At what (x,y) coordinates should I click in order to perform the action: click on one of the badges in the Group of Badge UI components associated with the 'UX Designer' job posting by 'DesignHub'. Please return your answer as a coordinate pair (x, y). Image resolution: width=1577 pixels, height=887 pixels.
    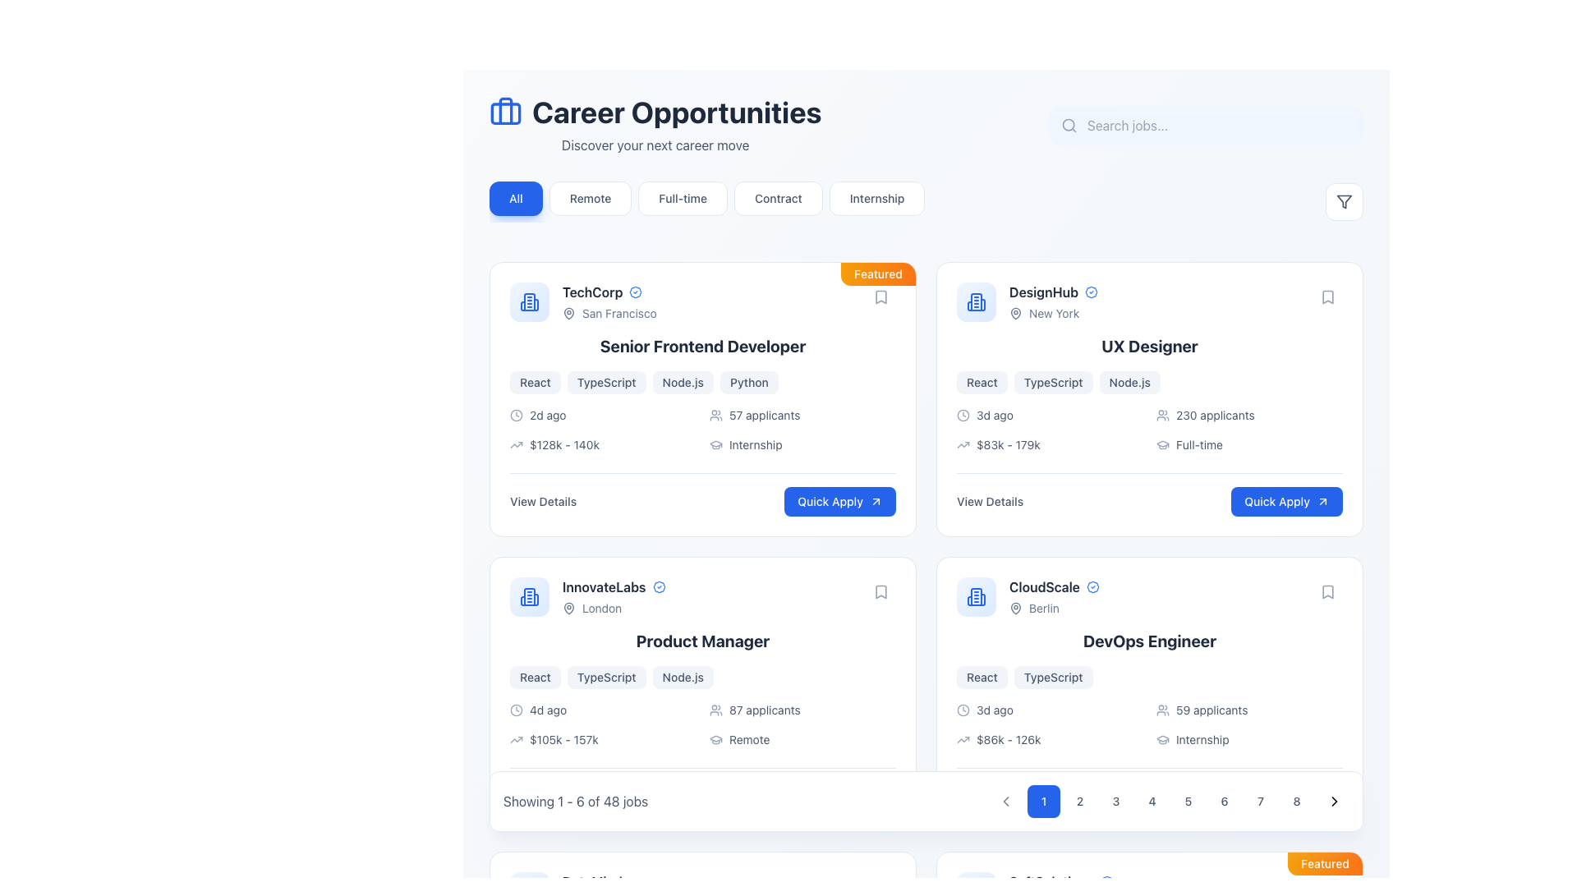
    Looking at the image, I should click on (1149, 383).